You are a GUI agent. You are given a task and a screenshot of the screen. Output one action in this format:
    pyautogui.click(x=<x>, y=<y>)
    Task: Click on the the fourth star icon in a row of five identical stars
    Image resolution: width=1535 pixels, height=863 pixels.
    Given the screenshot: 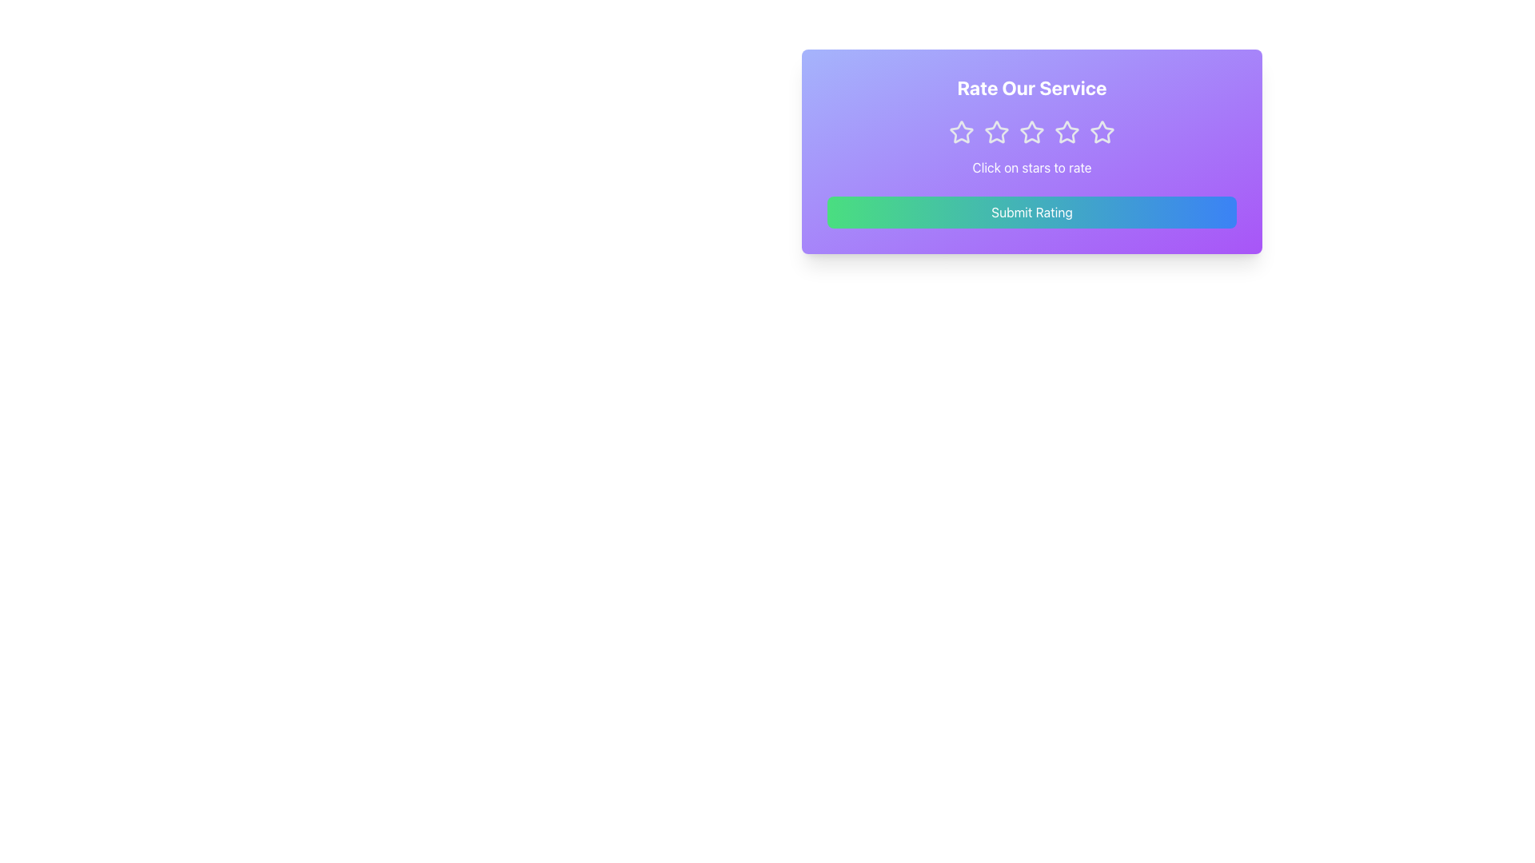 What is the action you would take?
    pyautogui.click(x=1067, y=131)
    